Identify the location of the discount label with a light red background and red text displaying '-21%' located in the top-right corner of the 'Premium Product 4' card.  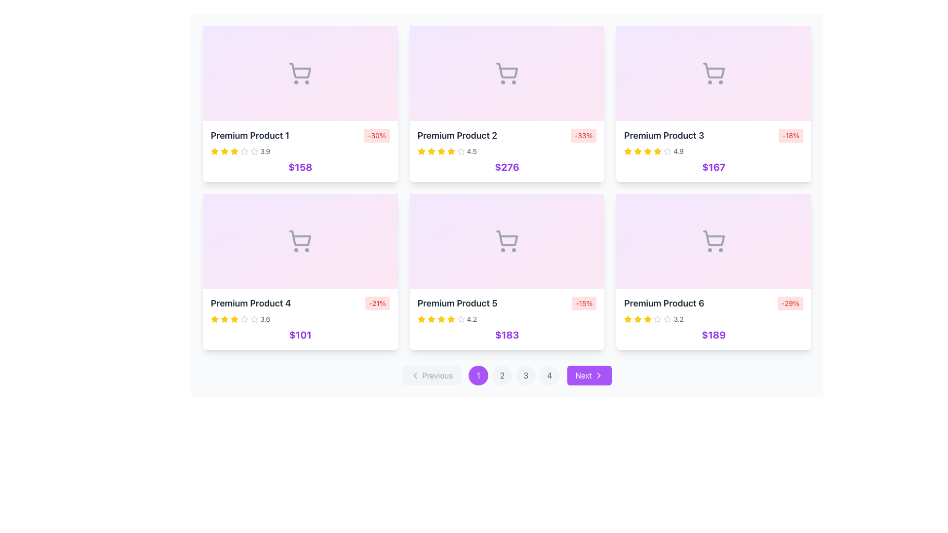
(377, 303).